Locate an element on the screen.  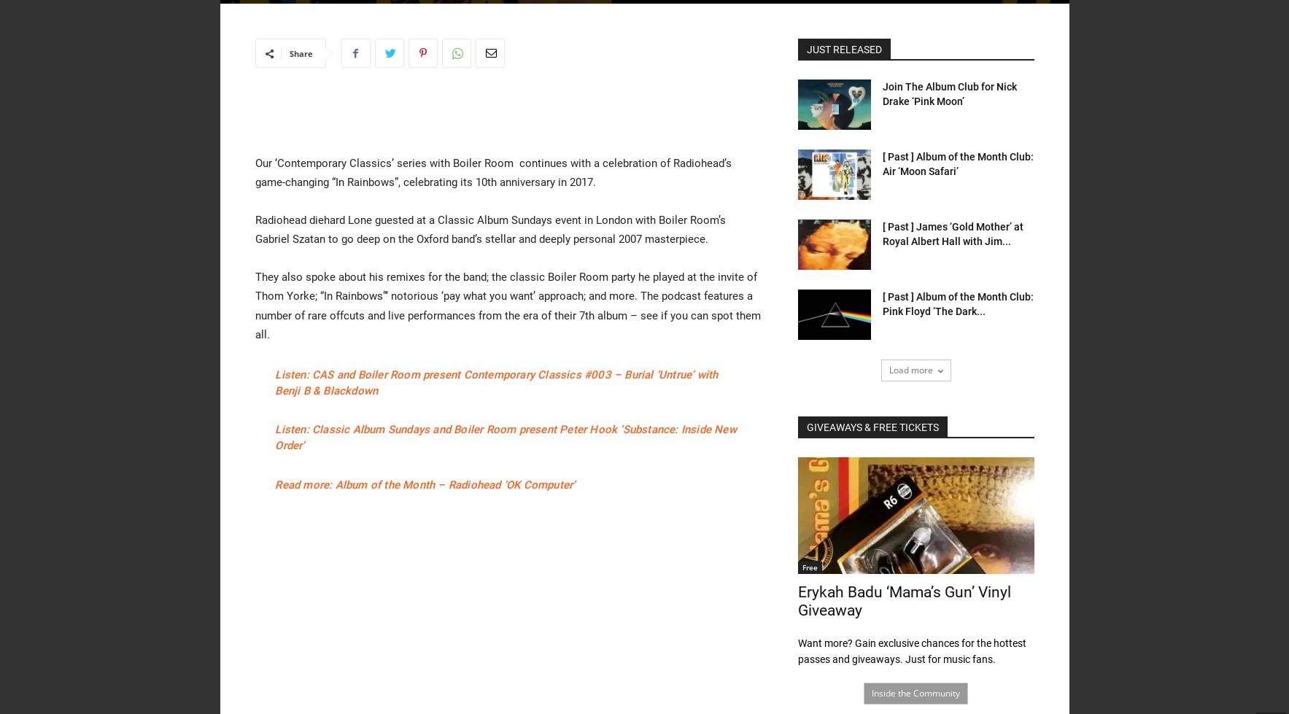
'[ Past ] Album of the Month Club: Air ‘Moon Safari’' is located at coordinates (956, 163).